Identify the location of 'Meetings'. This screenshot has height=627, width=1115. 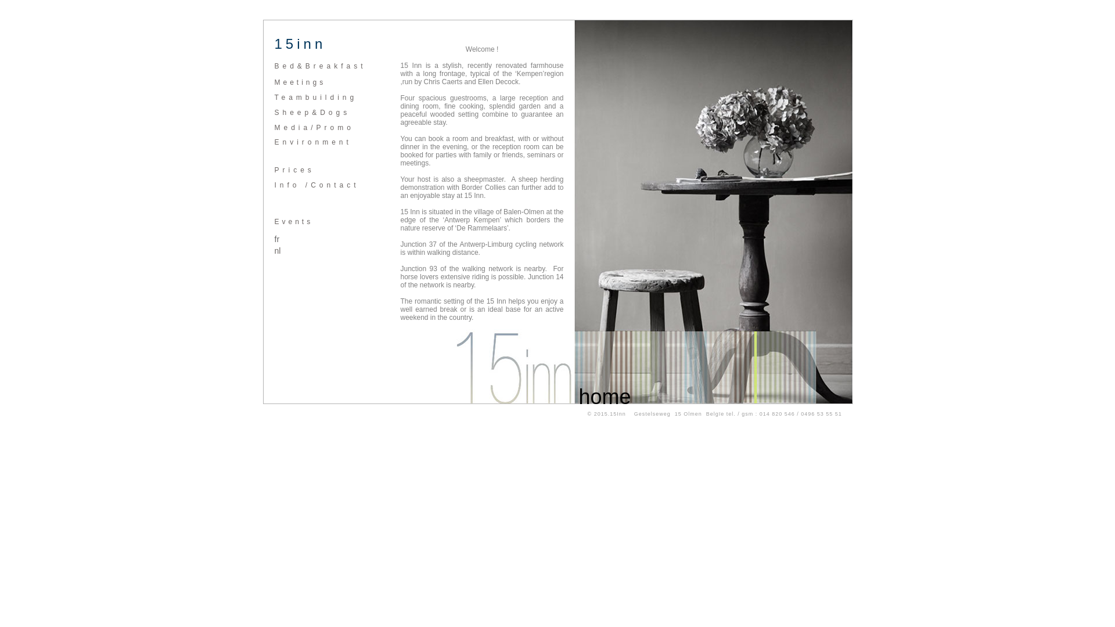
(300, 82).